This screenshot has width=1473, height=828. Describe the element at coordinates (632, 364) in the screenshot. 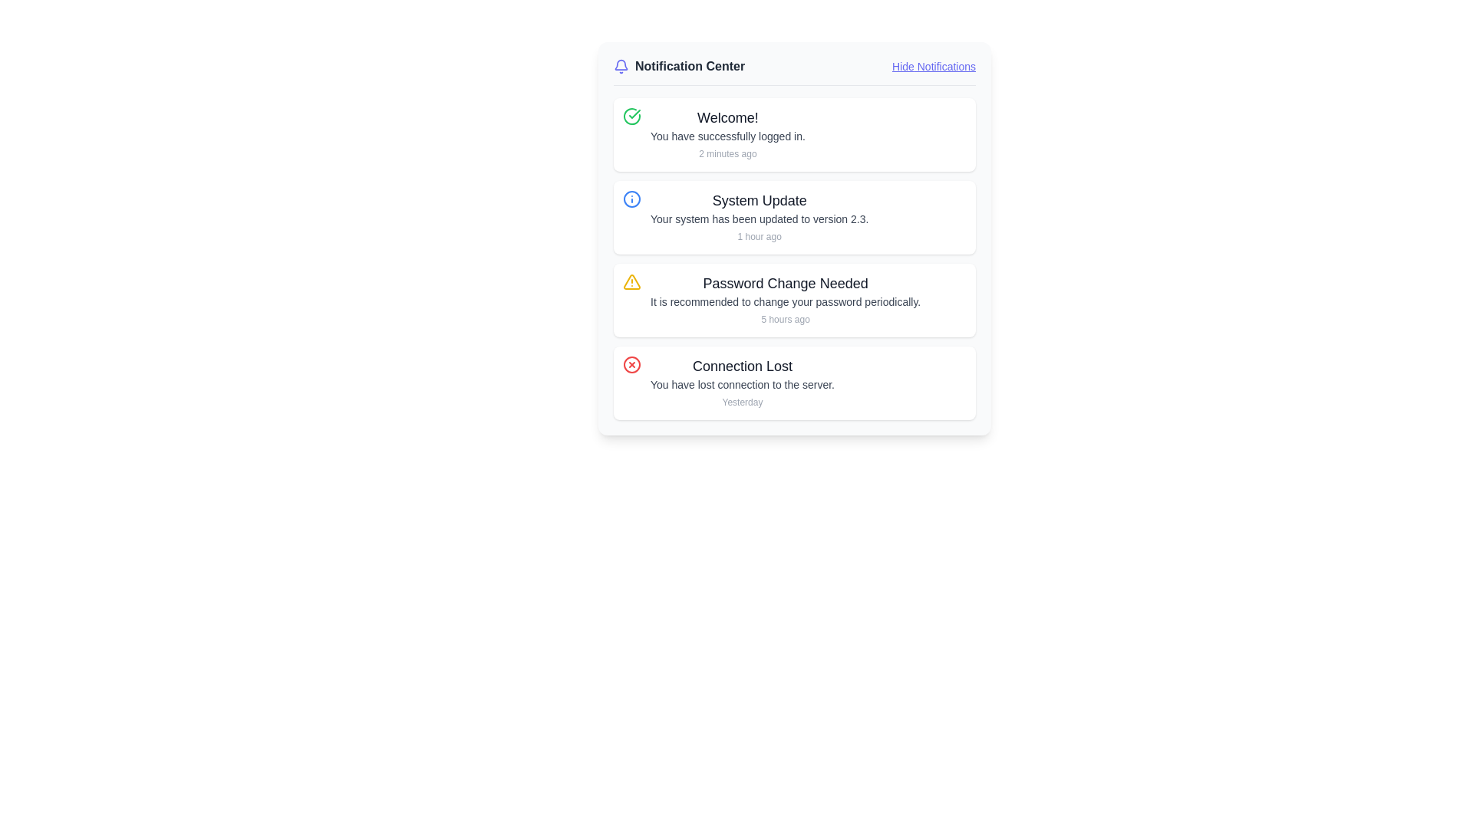

I see `the circular SVG Ellipse component that serves as the background for the 'Connection Lost' notification icon` at that location.